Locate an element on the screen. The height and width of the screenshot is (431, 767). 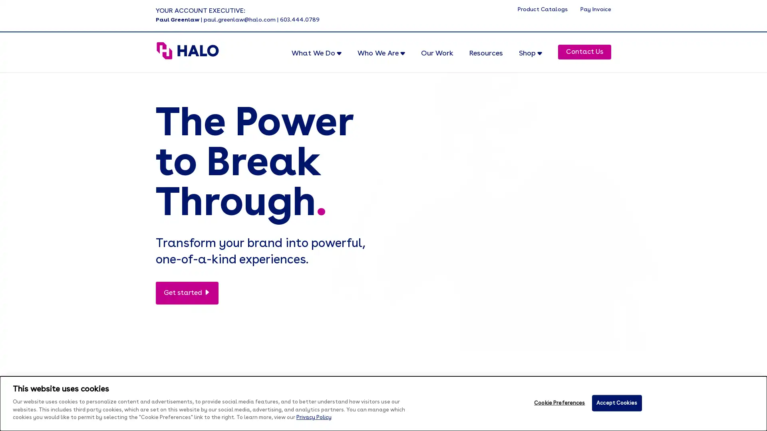
Resources is located at coordinates (486, 59).